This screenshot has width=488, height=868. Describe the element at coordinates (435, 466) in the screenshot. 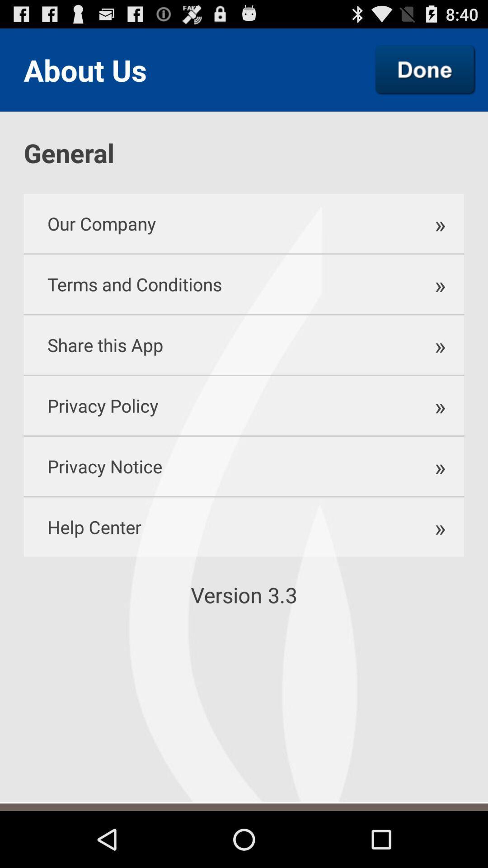

I see `the icon next to the privacy policy` at that location.